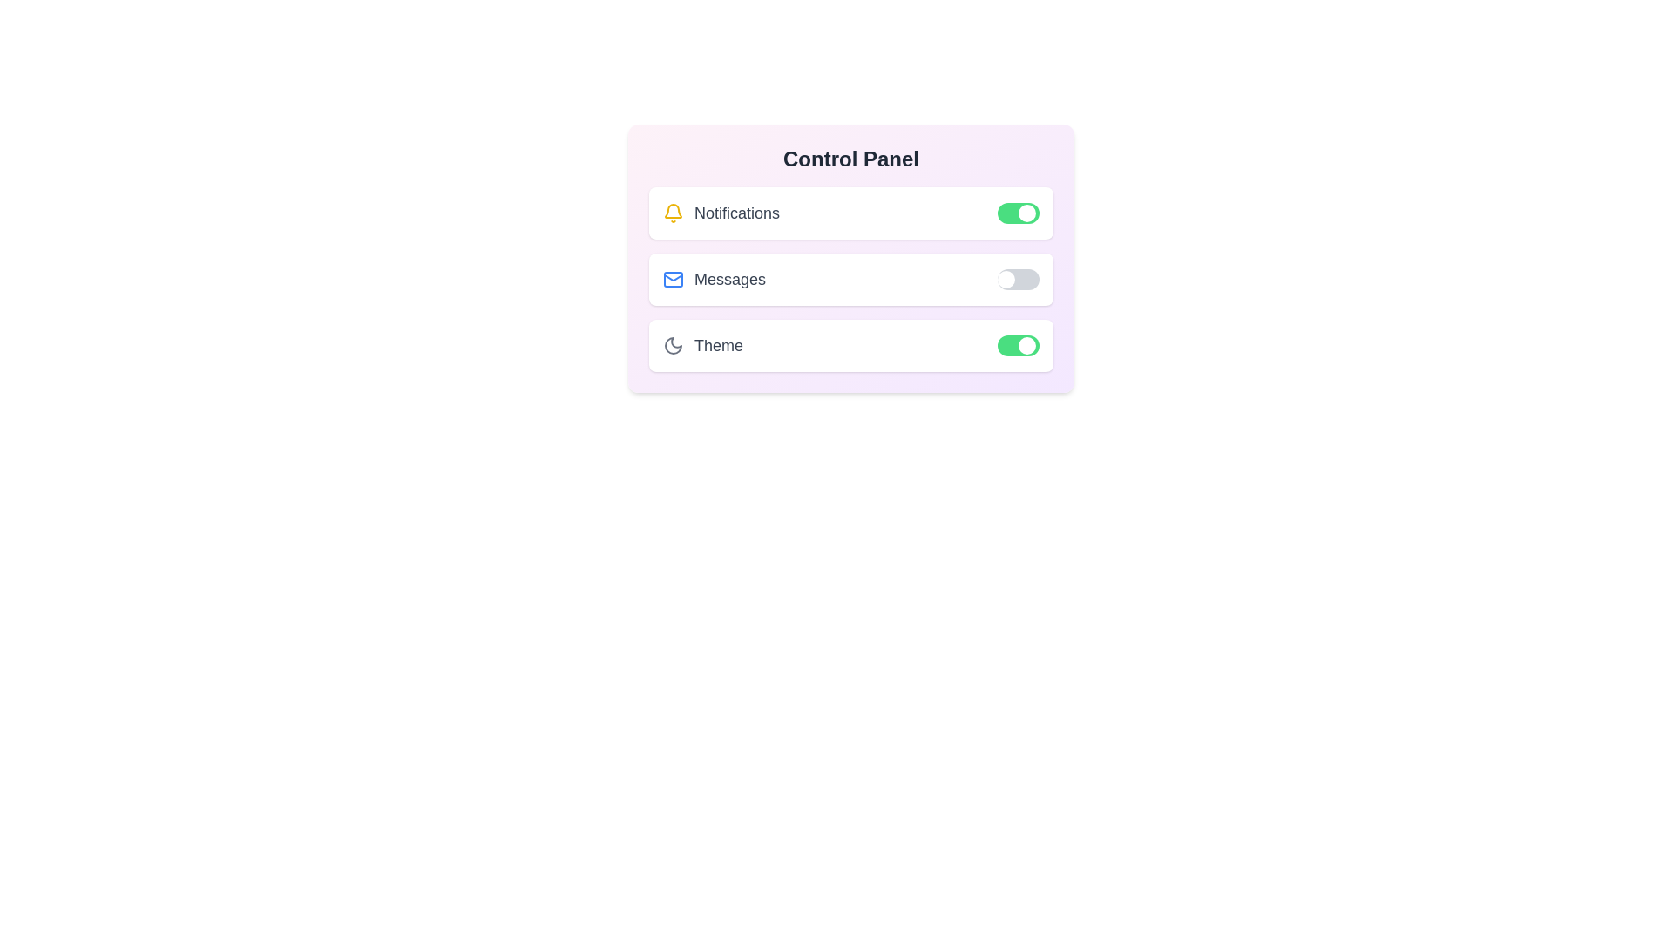 Image resolution: width=1673 pixels, height=941 pixels. Describe the element at coordinates (730, 278) in the screenshot. I see `the 'Messages' text label, which is styled in gray and positioned between an envelope icon and a toggle switch in the control panel interface` at that location.